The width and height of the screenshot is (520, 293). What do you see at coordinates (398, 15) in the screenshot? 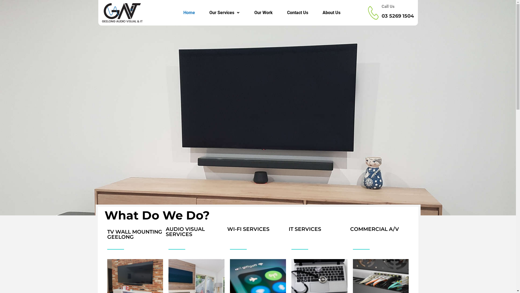
I see `'03 5269 1504'` at bounding box center [398, 15].